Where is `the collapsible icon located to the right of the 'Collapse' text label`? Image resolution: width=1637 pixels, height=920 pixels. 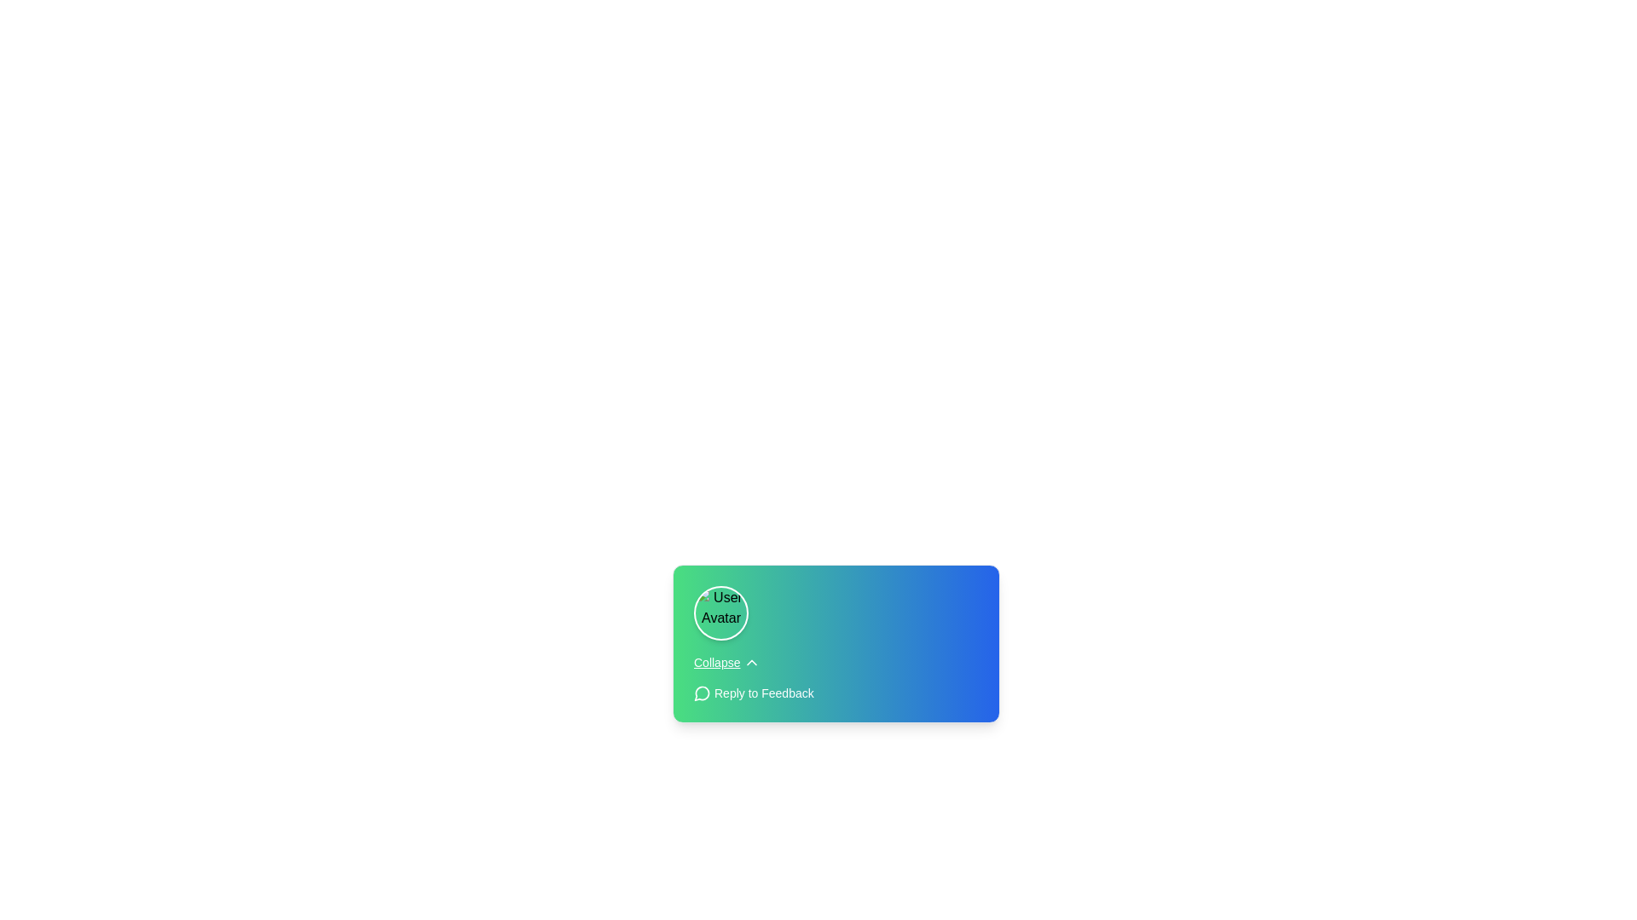 the collapsible icon located to the right of the 'Collapse' text label is located at coordinates (751, 662).